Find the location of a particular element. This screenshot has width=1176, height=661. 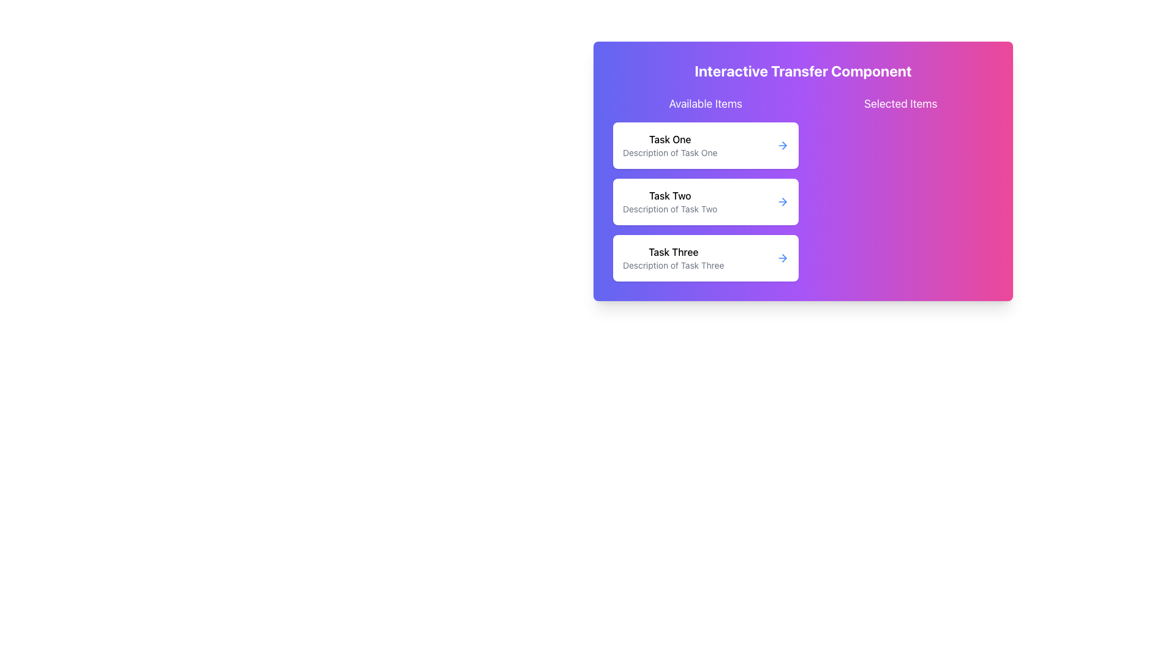

the informational text located below 'Task Three' in the third card of the vertical stack is located at coordinates (673, 265).